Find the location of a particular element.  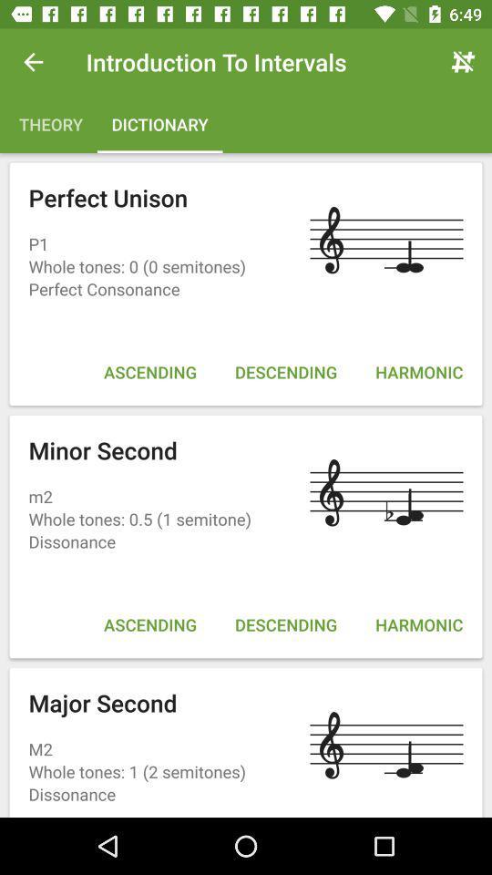

the item next to introduction to intervals item is located at coordinates (463, 62).